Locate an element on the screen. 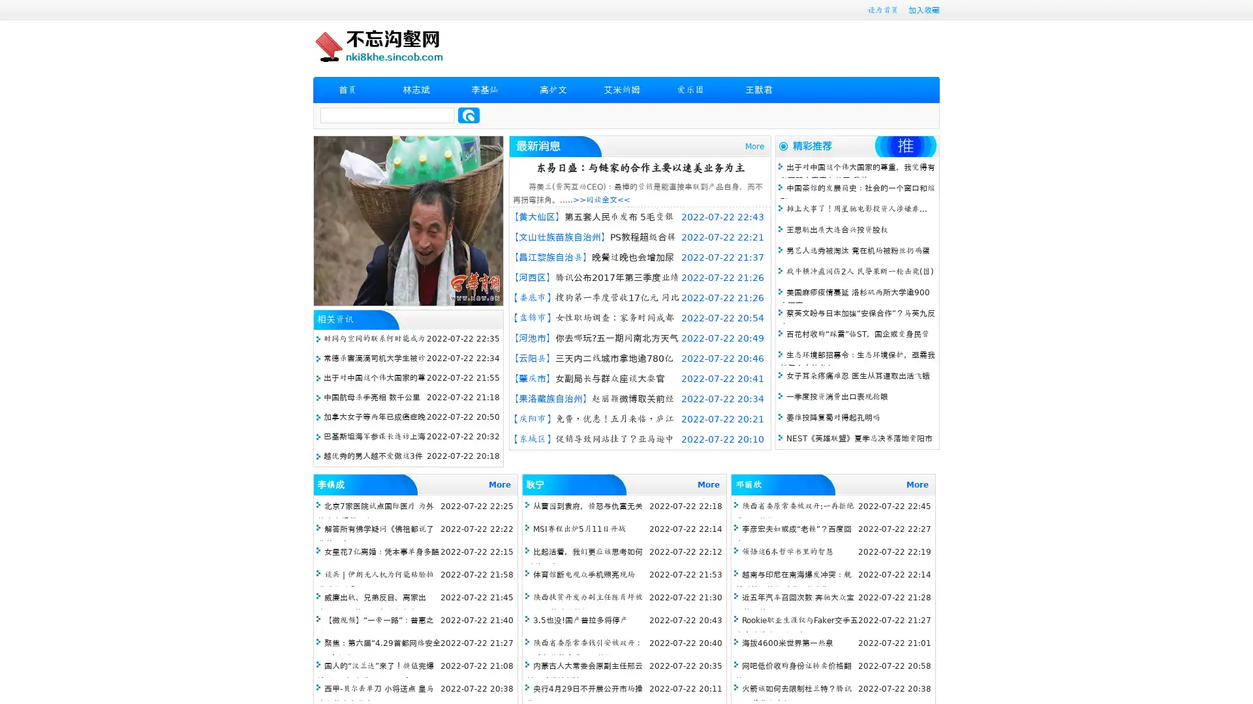  Search is located at coordinates (469, 115).